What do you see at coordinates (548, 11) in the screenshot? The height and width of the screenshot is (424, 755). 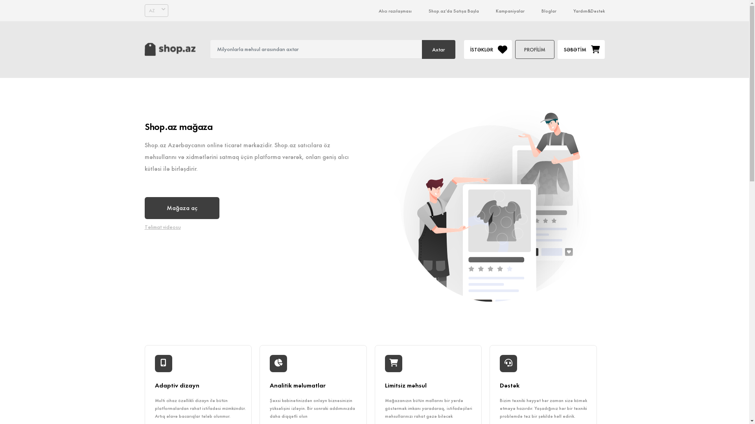 I see `'Bloglar'` at bounding box center [548, 11].